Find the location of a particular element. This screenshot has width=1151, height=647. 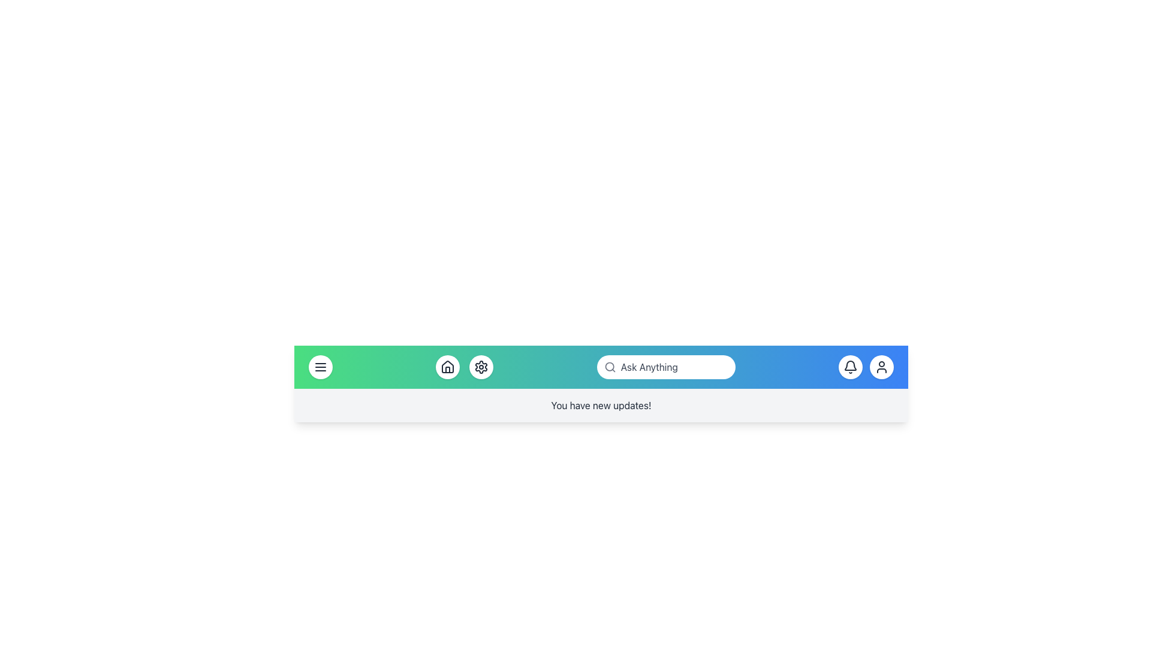

the menu toggle button located at the far left of the top navigation bar is located at coordinates (320, 367).